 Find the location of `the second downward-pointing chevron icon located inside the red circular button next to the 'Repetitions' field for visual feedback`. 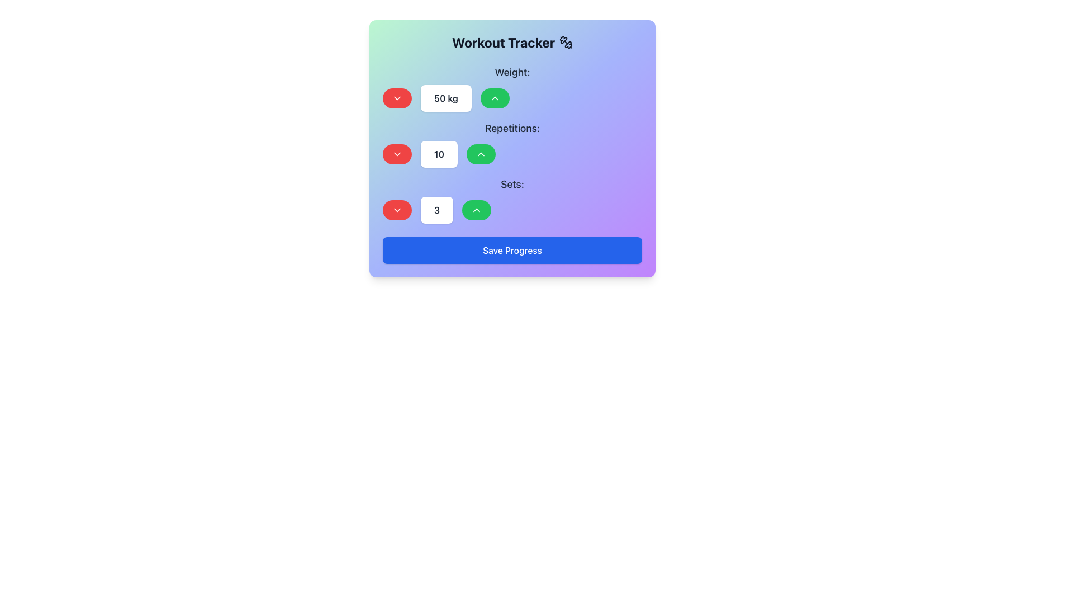

the second downward-pointing chevron icon located inside the red circular button next to the 'Repetitions' field for visual feedback is located at coordinates (397, 154).